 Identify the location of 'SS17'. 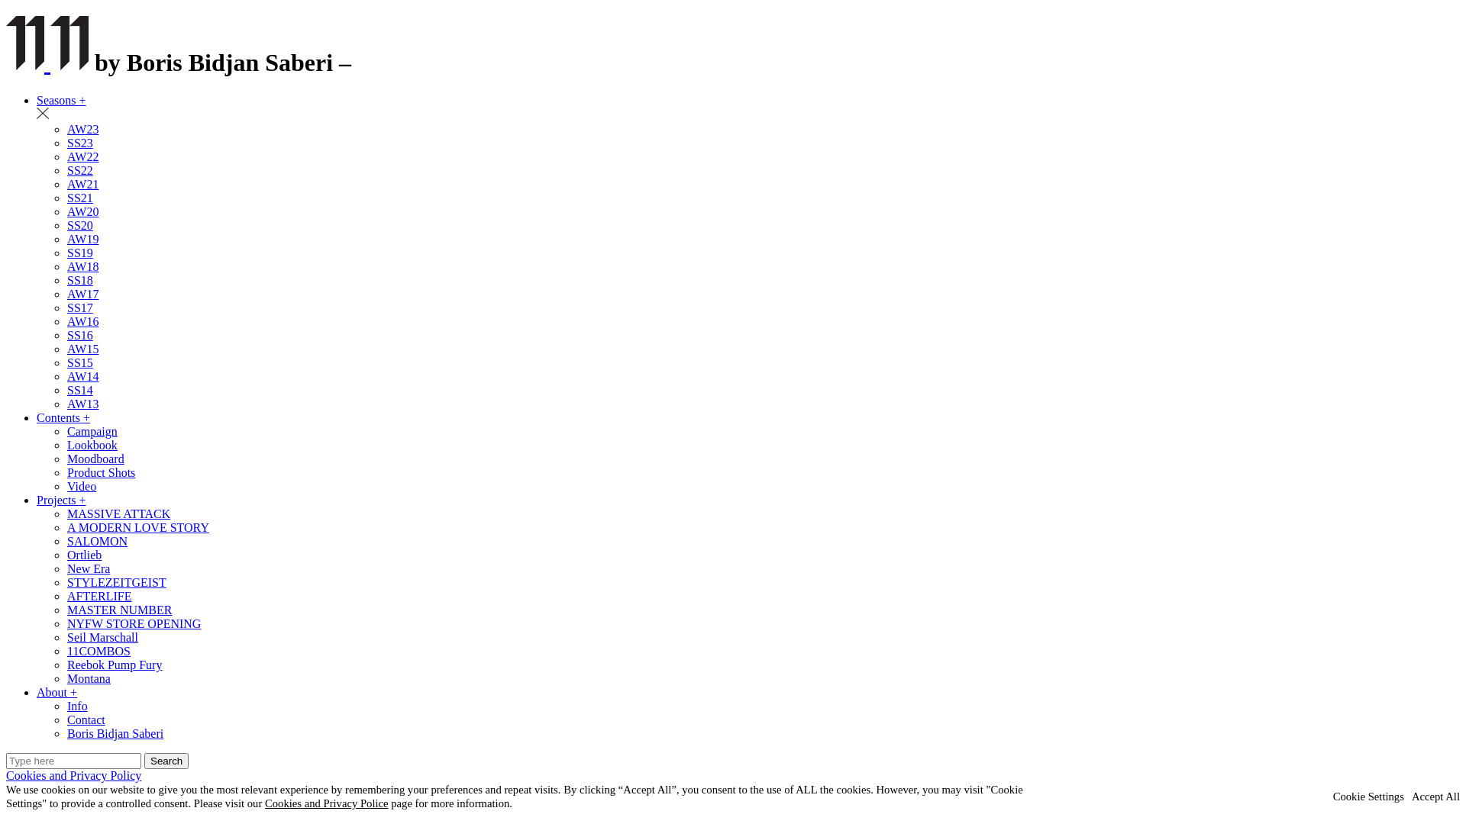
(79, 307).